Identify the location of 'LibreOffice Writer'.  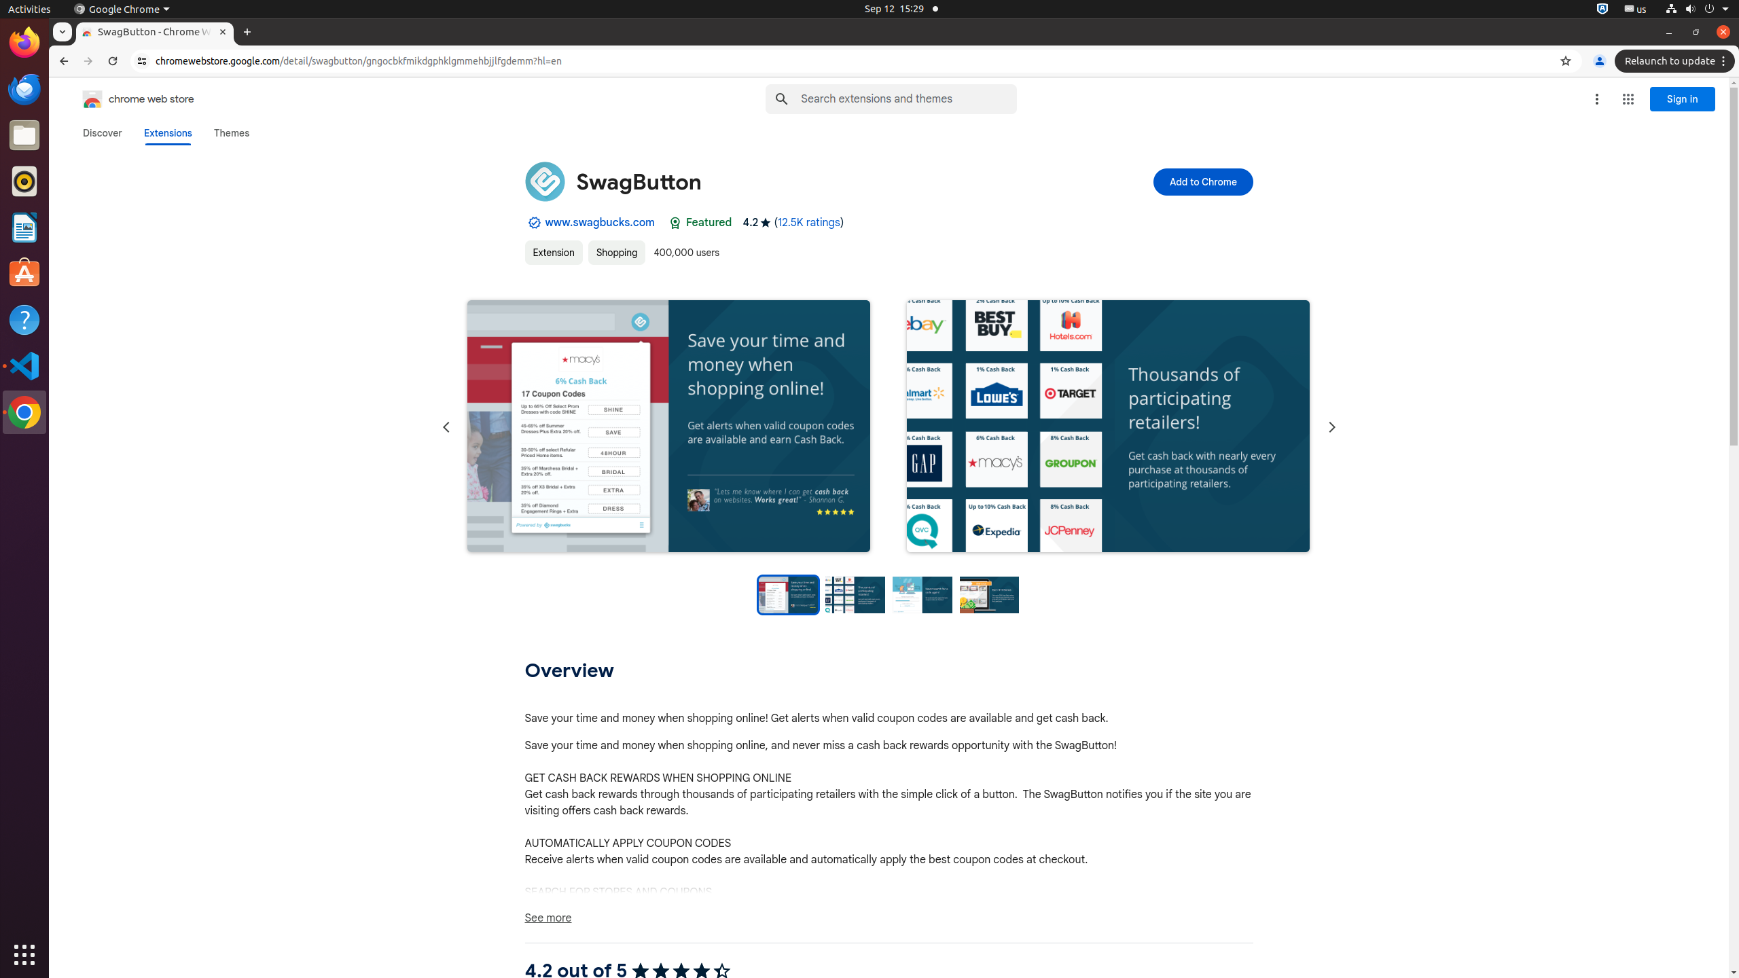
(24, 226).